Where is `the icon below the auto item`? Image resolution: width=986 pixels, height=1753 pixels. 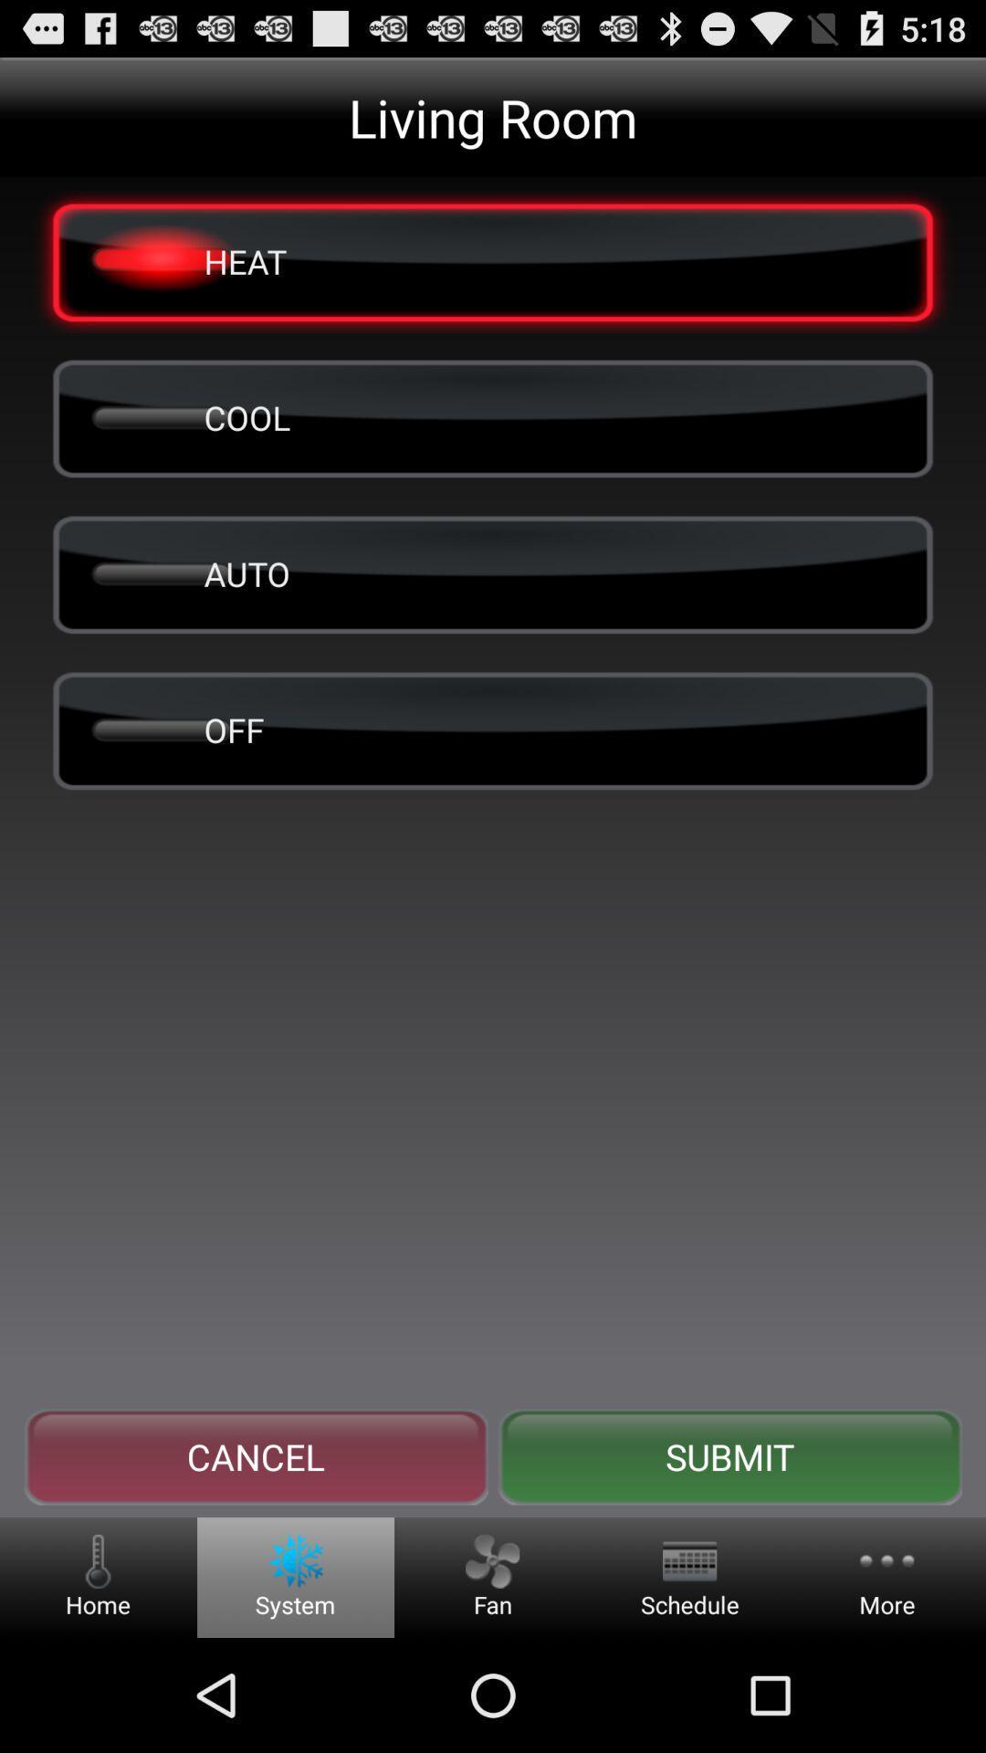 the icon below the auto item is located at coordinates (493, 729).